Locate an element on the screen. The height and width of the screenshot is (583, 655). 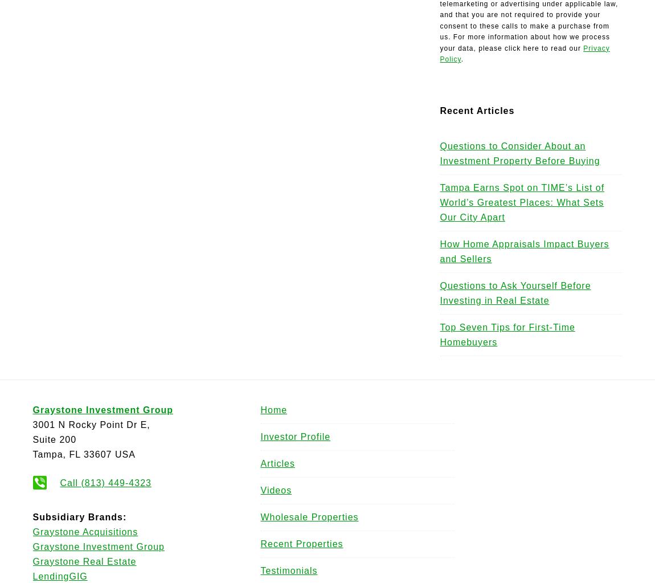
'Investor Profile' is located at coordinates (295, 435).